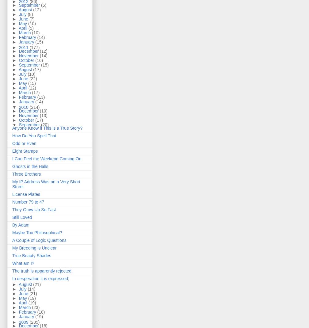 The height and width of the screenshot is (328, 309). I want to click on '(177)', so click(34, 48).